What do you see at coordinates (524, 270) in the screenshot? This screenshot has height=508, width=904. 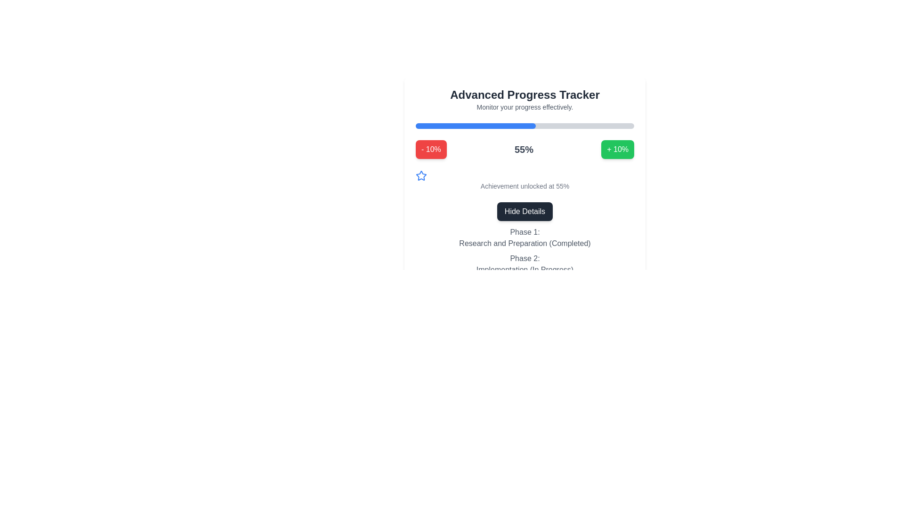 I see `the text label indicating the ongoing status of 'Phase 2' in the progress tracker` at bounding box center [524, 270].